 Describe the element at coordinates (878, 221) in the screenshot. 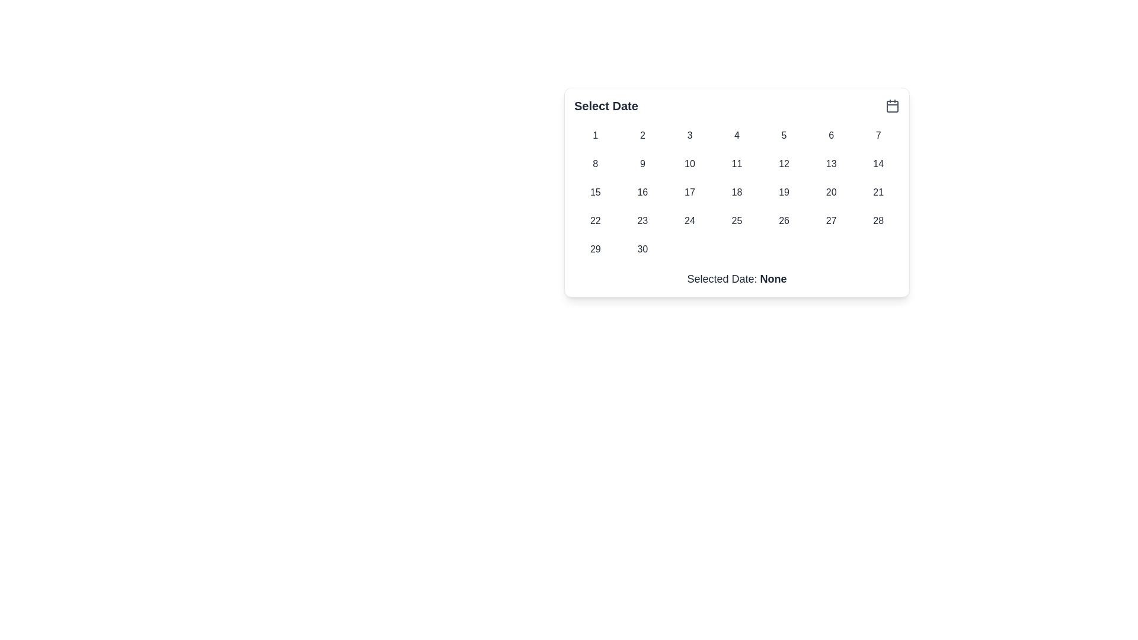

I see `the button displaying the number '28' in the seventh column of the fourth row under the 'Select Date' header` at that location.